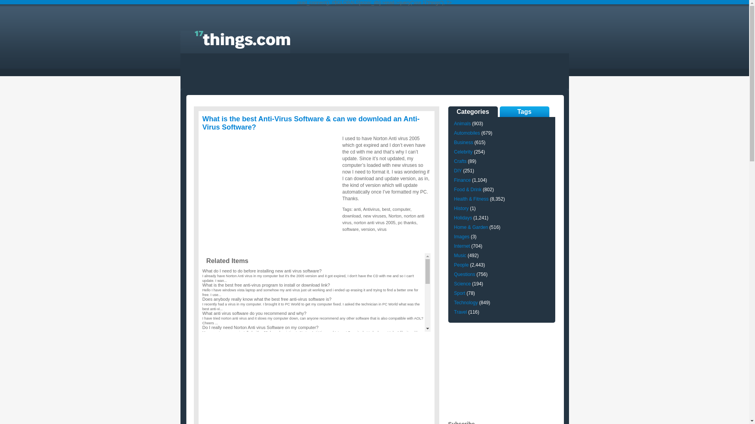  I want to click on 'norton anti virus 2005', so click(374, 223).